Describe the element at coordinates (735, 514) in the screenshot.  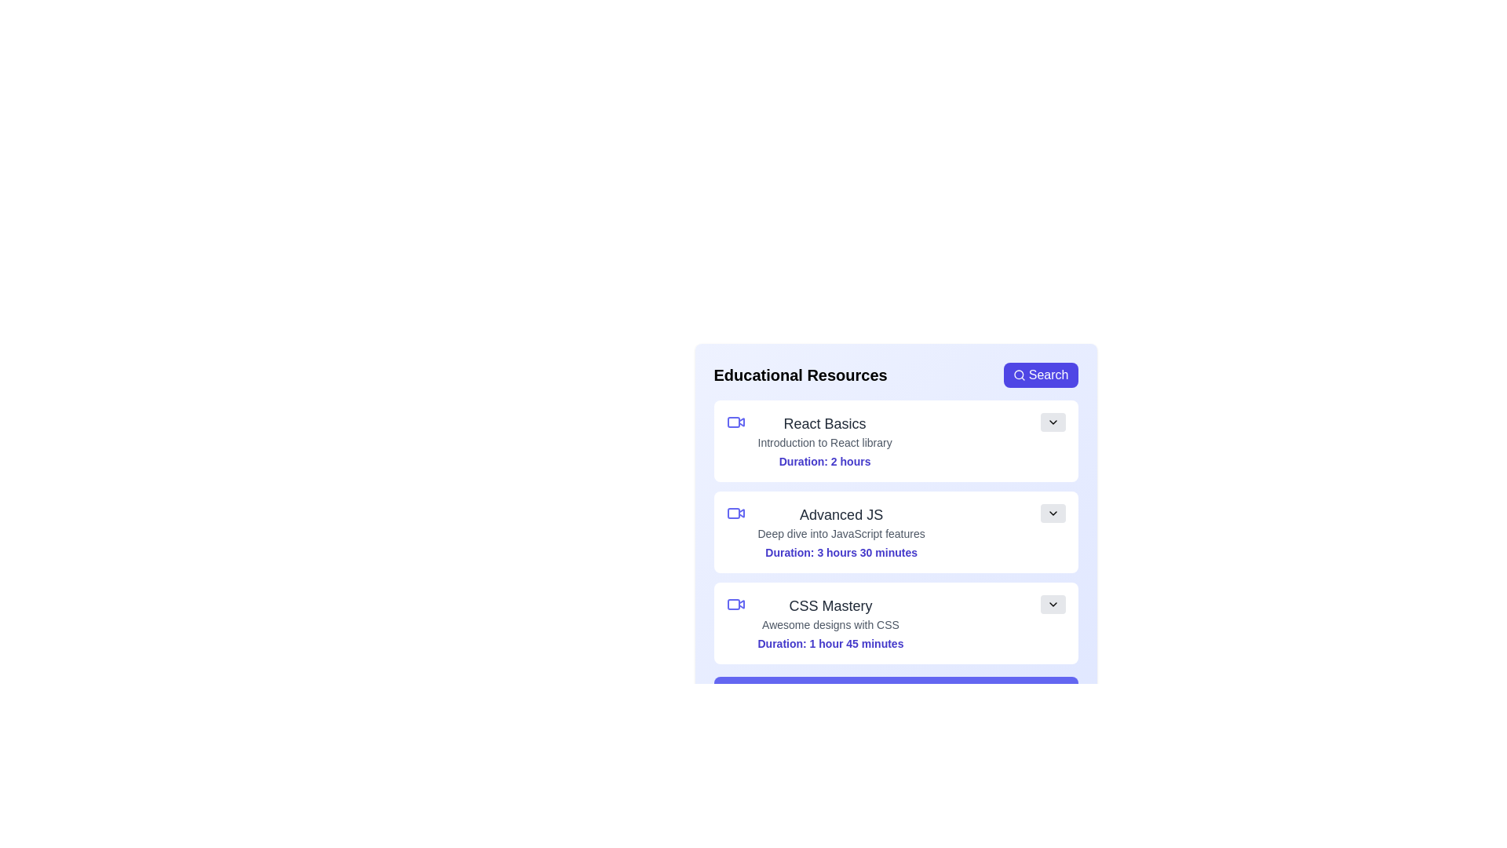
I see `the video icon of the resource titled Advanced JS` at that location.